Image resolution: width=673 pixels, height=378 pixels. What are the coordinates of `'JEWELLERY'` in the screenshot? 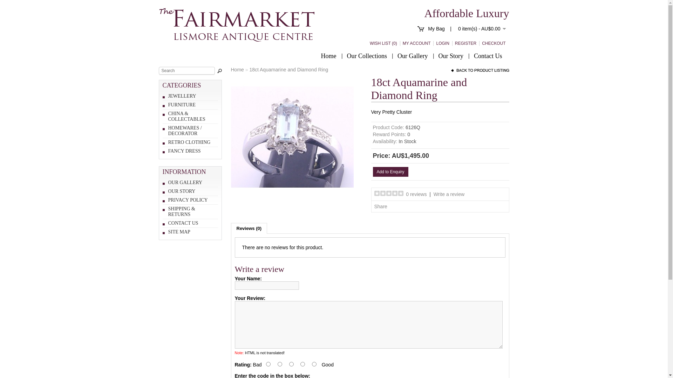 It's located at (182, 96).